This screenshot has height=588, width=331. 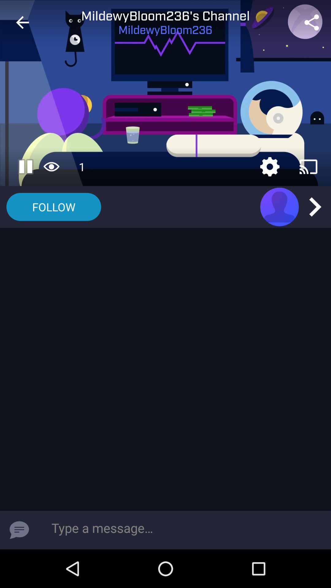 I want to click on message, so click(x=19, y=530).